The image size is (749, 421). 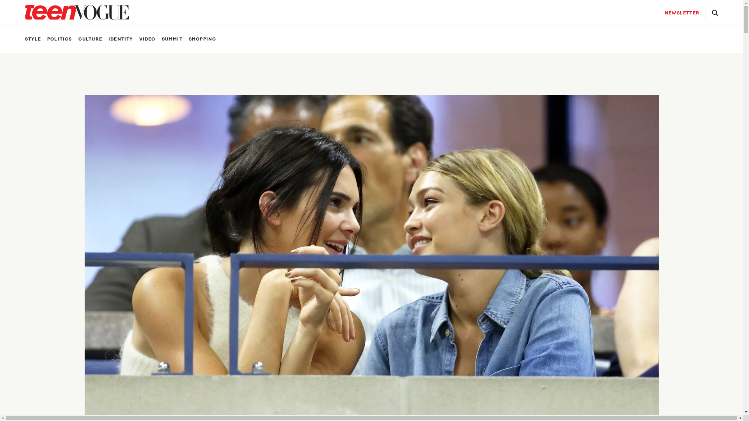 What do you see at coordinates (658, 13) in the screenshot?
I see `'NEWSLETTER'` at bounding box center [658, 13].